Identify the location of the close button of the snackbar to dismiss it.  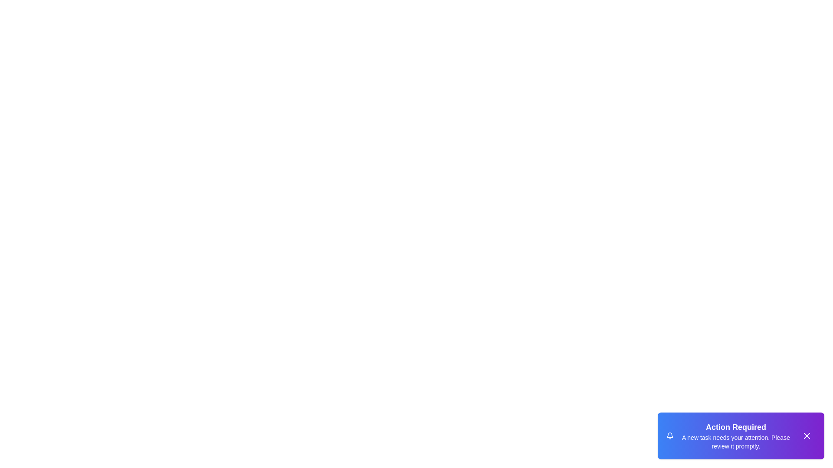
(807, 436).